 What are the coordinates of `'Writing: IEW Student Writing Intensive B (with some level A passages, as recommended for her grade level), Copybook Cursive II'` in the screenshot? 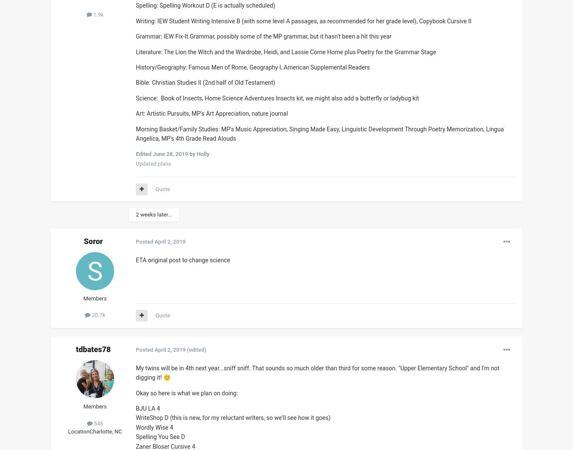 It's located at (303, 20).